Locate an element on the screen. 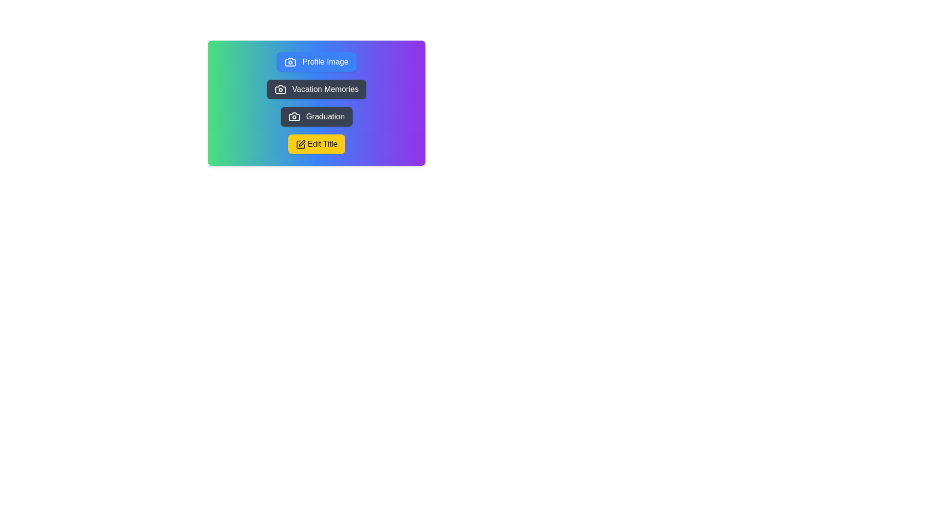 This screenshot has height=528, width=939. the profile image upload icon located on the left side of the 'Profile Image' button is located at coordinates (290, 62).